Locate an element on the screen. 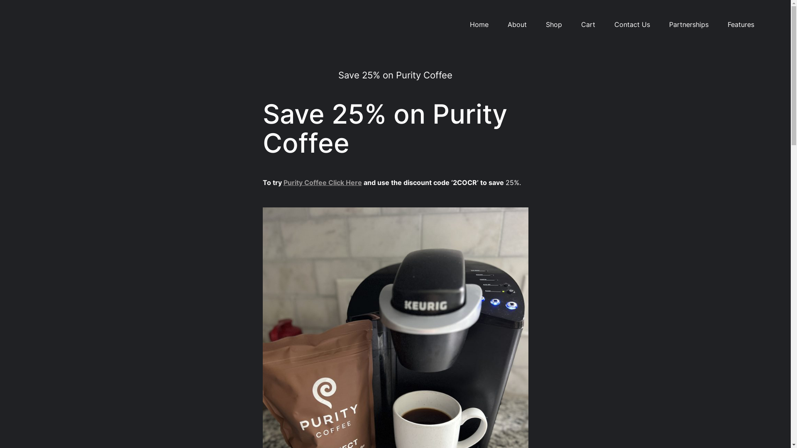 Image resolution: width=797 pixels, height=448 pixels. 'Shop' is located at coordinates (553, 24).